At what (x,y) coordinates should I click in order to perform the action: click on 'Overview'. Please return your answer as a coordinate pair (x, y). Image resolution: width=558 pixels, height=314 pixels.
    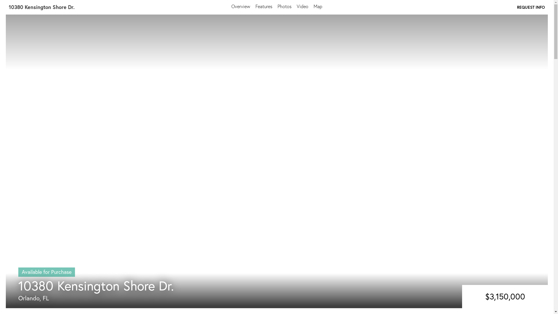
    Looking at the image, I should click on (241, 6).